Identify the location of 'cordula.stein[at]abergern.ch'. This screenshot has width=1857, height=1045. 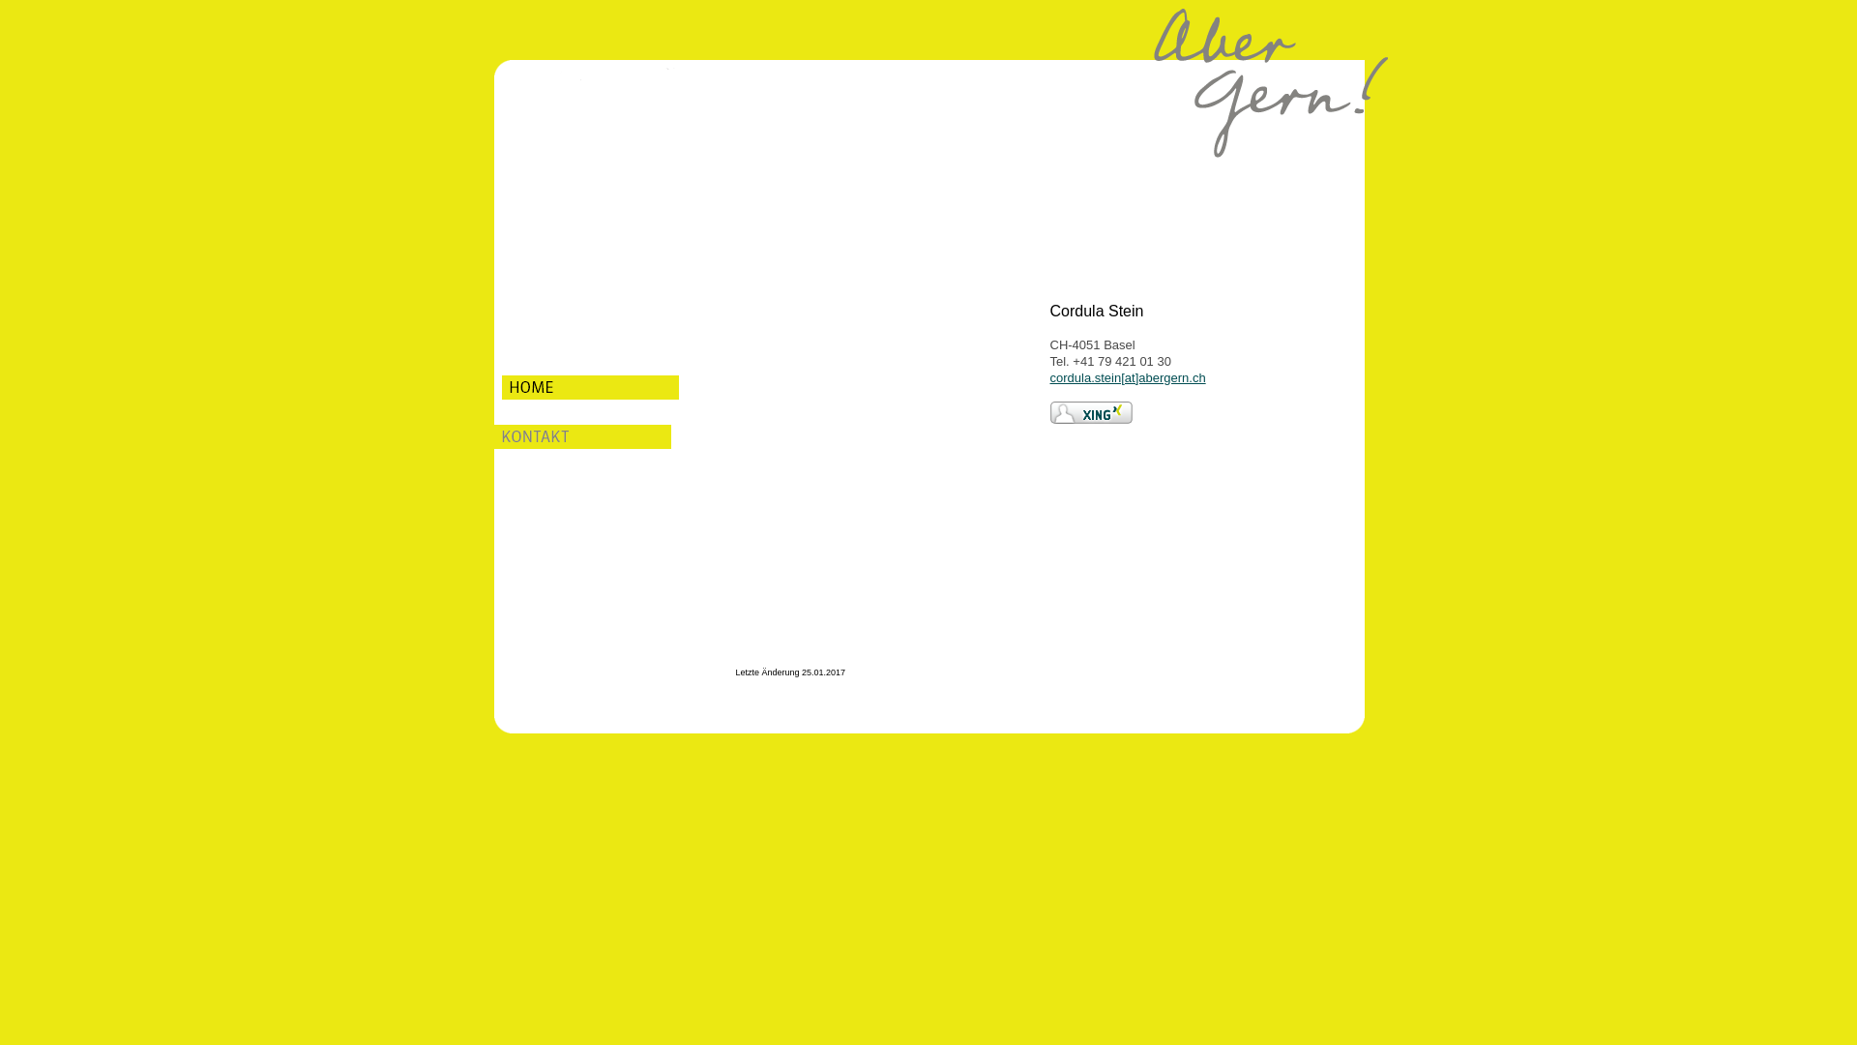
(1128, 377).